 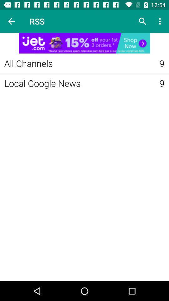 What do you see at coordinates (142, 21) in the screenshot?
I see `search` at bounding box center [142, 21].